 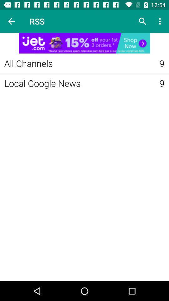 What do you see at coordinates (142, 21) in the screenshot?
I see `search` at bounding box center [142, 21].